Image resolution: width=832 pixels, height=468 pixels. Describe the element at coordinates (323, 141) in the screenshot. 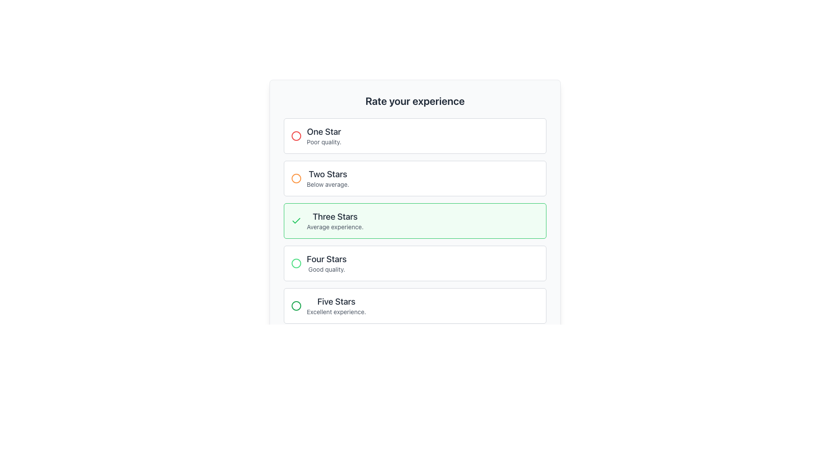

I see `the text label displaying 'Poor quality.' located beneath the 'One Star' review section` at that location.